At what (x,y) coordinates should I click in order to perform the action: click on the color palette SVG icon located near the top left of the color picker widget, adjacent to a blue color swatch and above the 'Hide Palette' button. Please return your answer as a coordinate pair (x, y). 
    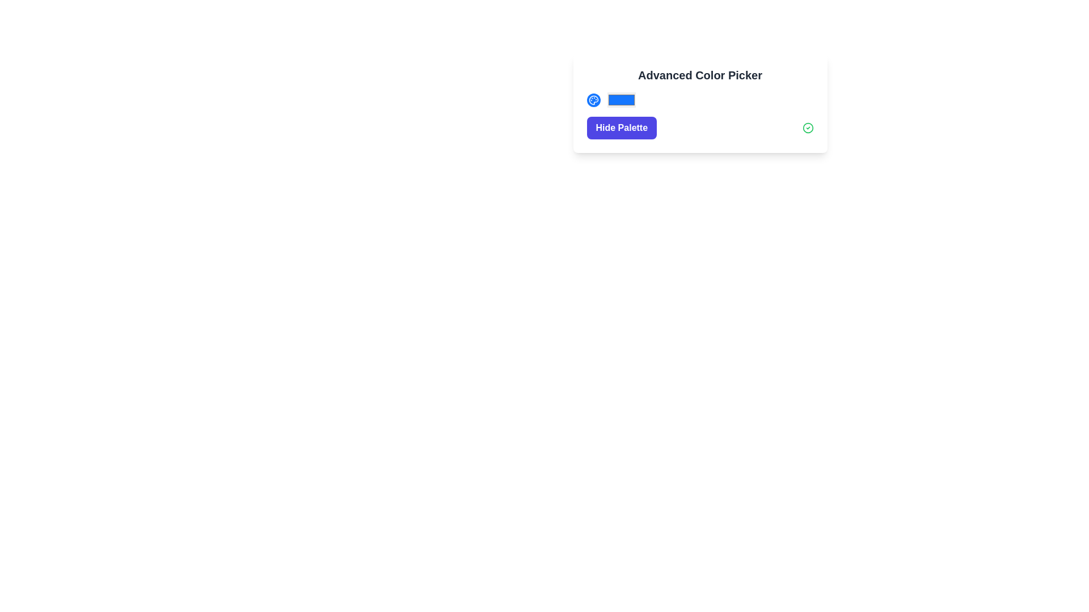
    Looking at the image, I should click on (593, 99).